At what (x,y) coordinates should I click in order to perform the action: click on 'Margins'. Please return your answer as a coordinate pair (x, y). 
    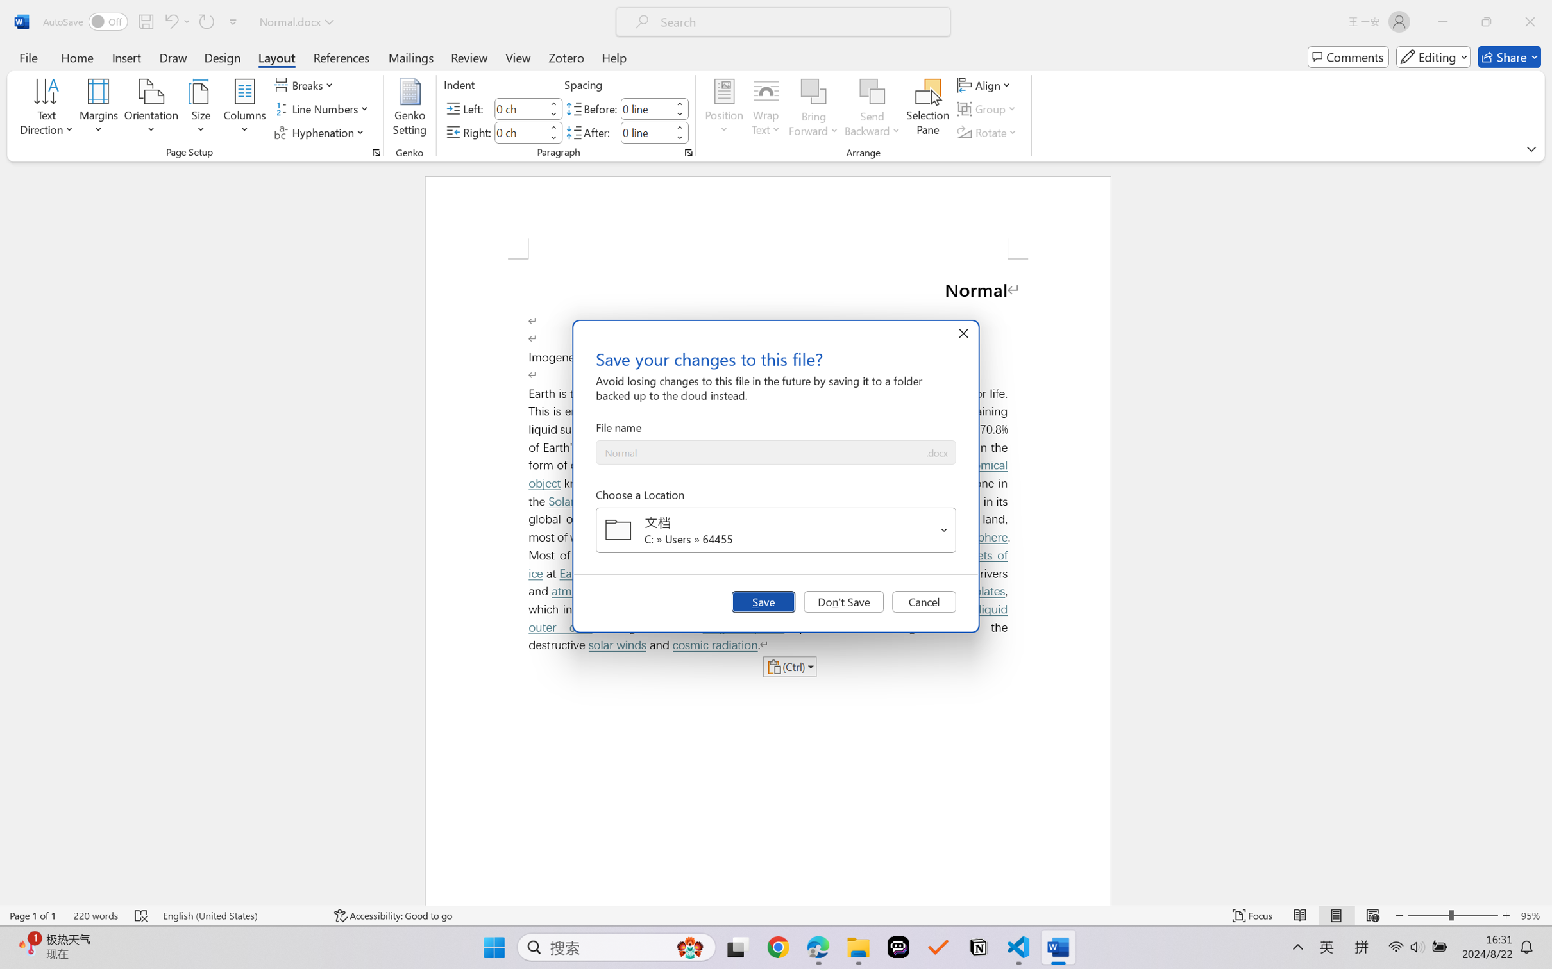
    Looking at the image, I should click on (98, 109).